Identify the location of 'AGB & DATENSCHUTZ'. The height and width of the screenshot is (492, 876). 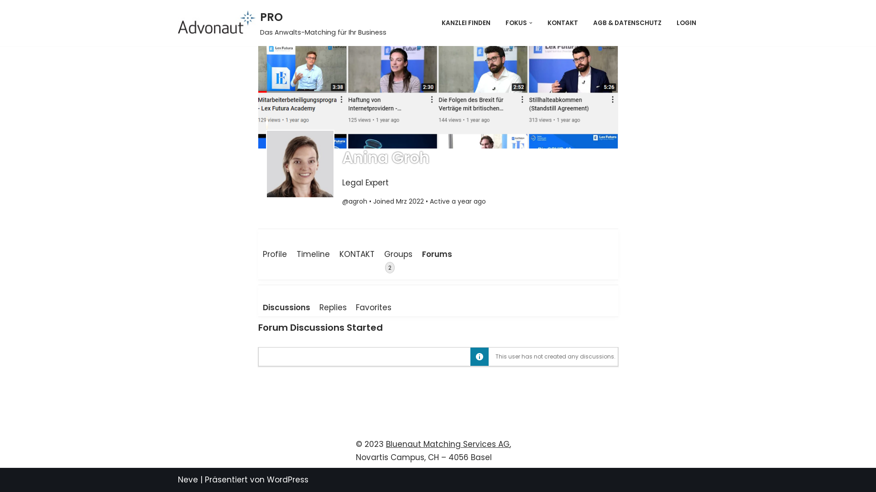
(626, 22).